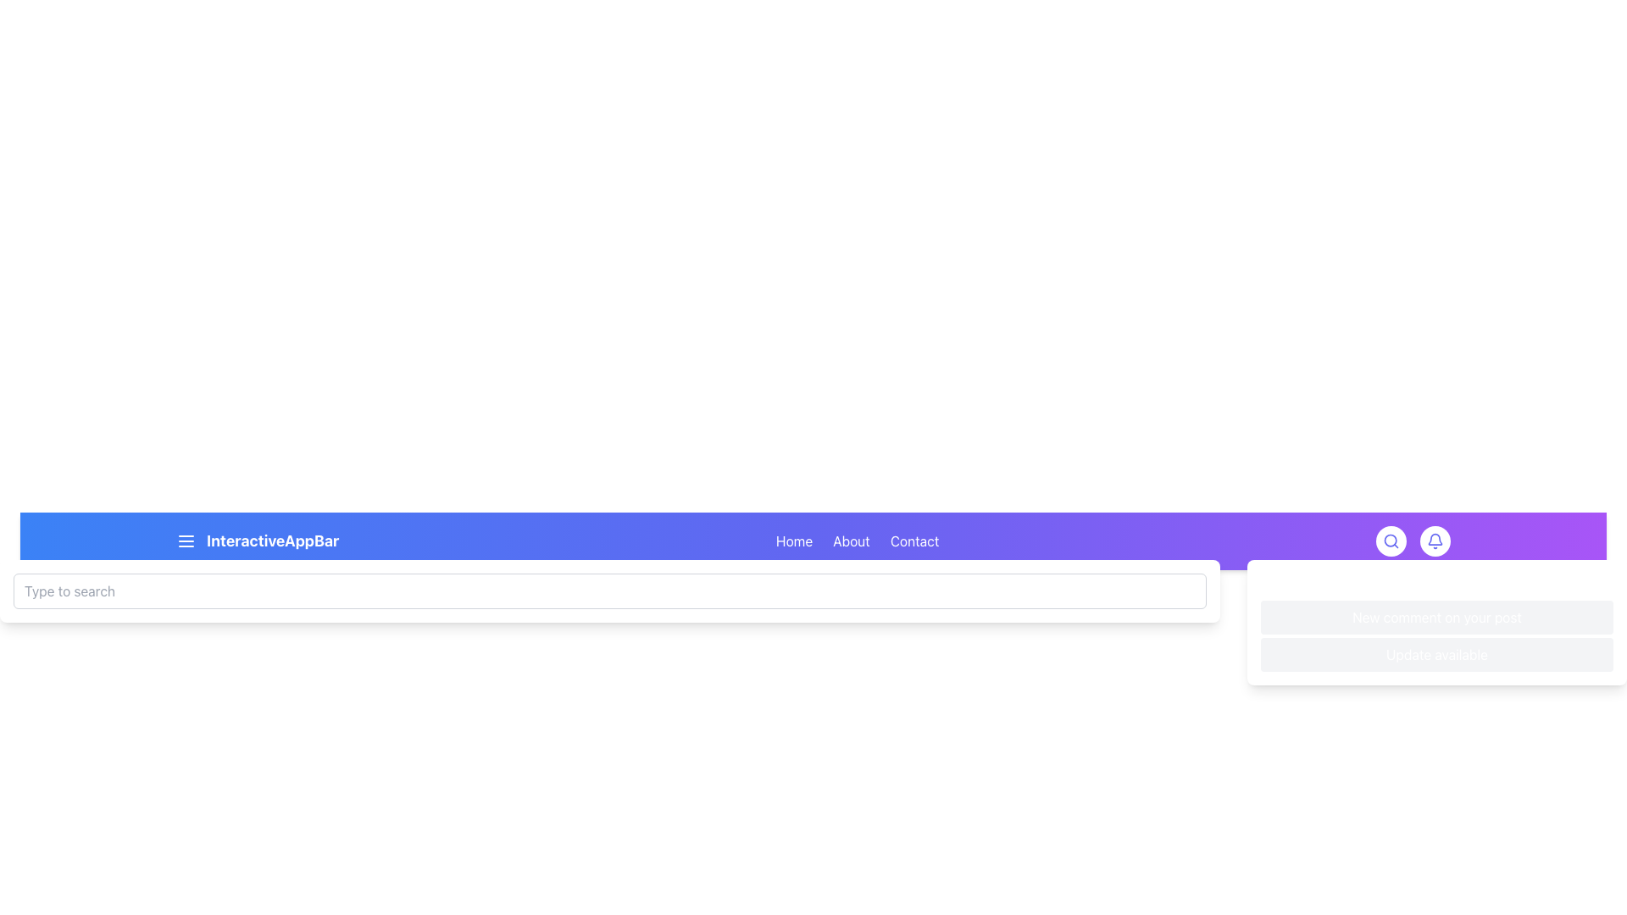 The width and height of the screenshot is (1627, 915). Describe the element at coordinates (1435, 539) in the screenshot. I see `the bell icon located in the top-right section of the interface` at that location.